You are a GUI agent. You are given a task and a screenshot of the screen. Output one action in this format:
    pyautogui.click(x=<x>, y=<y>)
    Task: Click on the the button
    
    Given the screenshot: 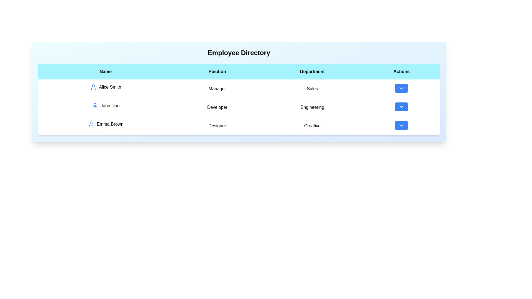 What is the action you would take?
    pyautogui.click(x=401, y=107)
    